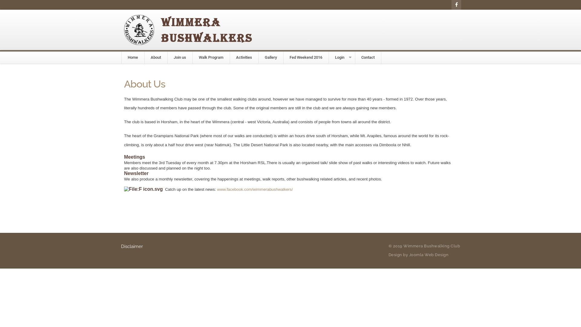  I want to click on 'Gallery', so click(270, 57).